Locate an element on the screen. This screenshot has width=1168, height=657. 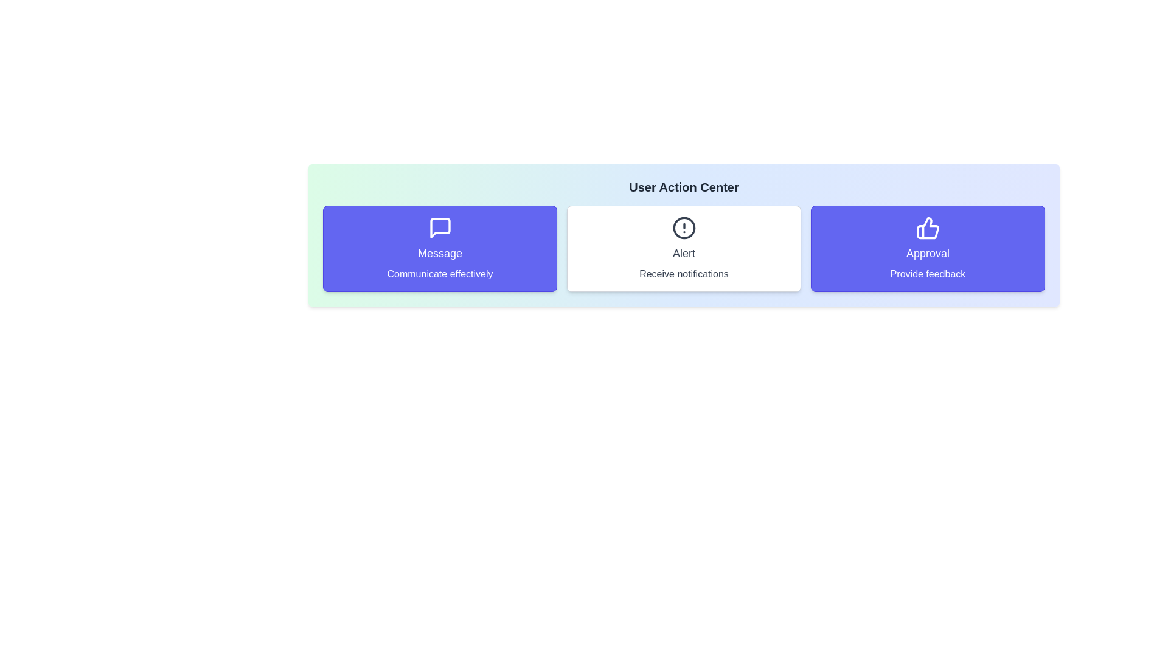
the action card corresponding to Message is located at coordinates (439, 248).